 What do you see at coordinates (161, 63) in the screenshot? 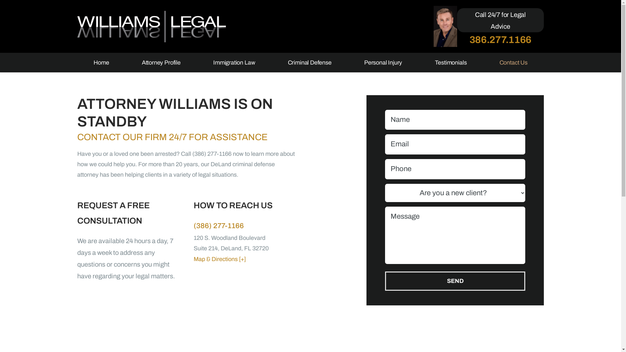
I see `'Attorney Profile'` at bounding box center [161, 63].